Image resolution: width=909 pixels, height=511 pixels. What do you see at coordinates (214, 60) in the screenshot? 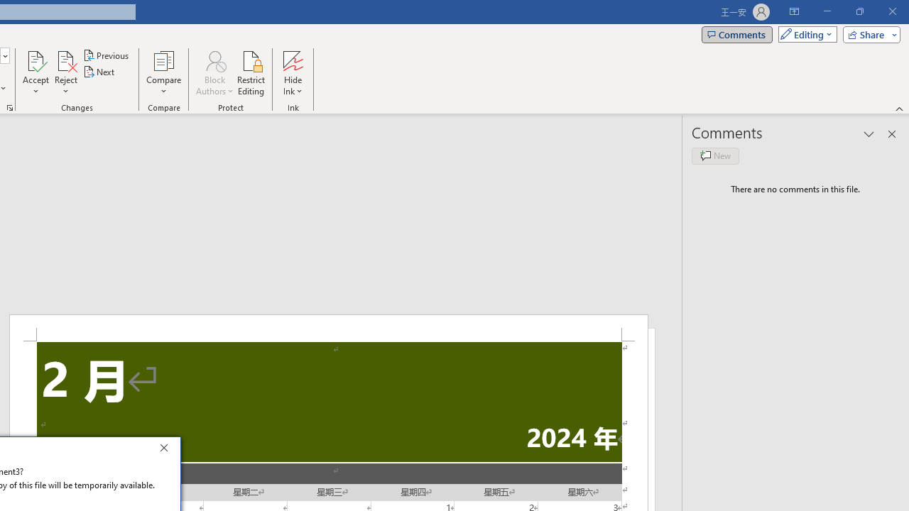
I see `'Block Authors'` at bounding box center [214, 60].